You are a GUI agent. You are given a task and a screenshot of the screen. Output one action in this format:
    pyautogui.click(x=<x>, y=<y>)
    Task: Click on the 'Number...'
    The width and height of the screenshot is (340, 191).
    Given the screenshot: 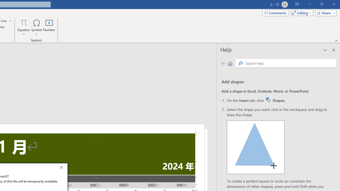 What is the action you would take?
    pyautogui.click(x=49, y=27)
    